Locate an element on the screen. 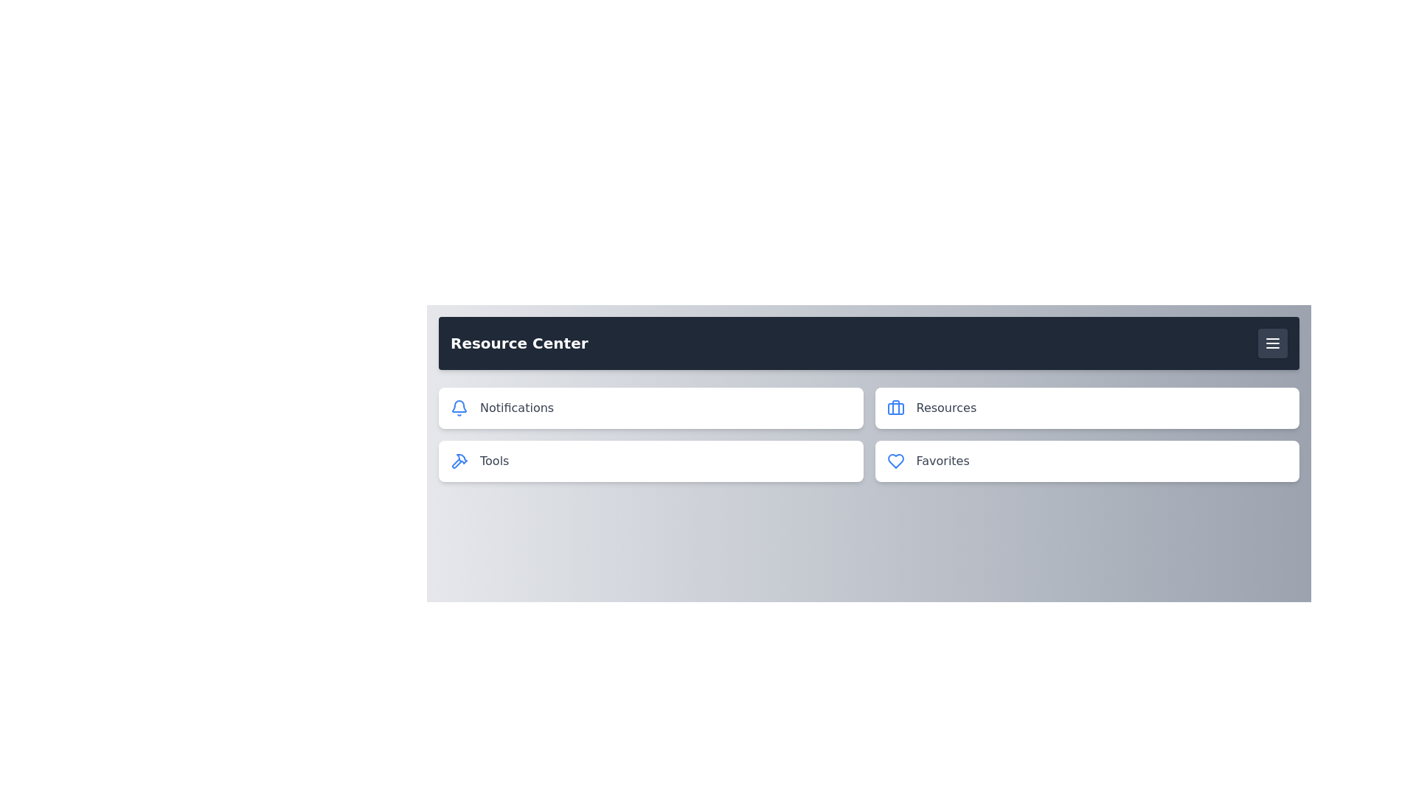 Image resolution: width=1416 pixels, height=796 pixels. the Tools menu item is located at coordinates (650, 460).